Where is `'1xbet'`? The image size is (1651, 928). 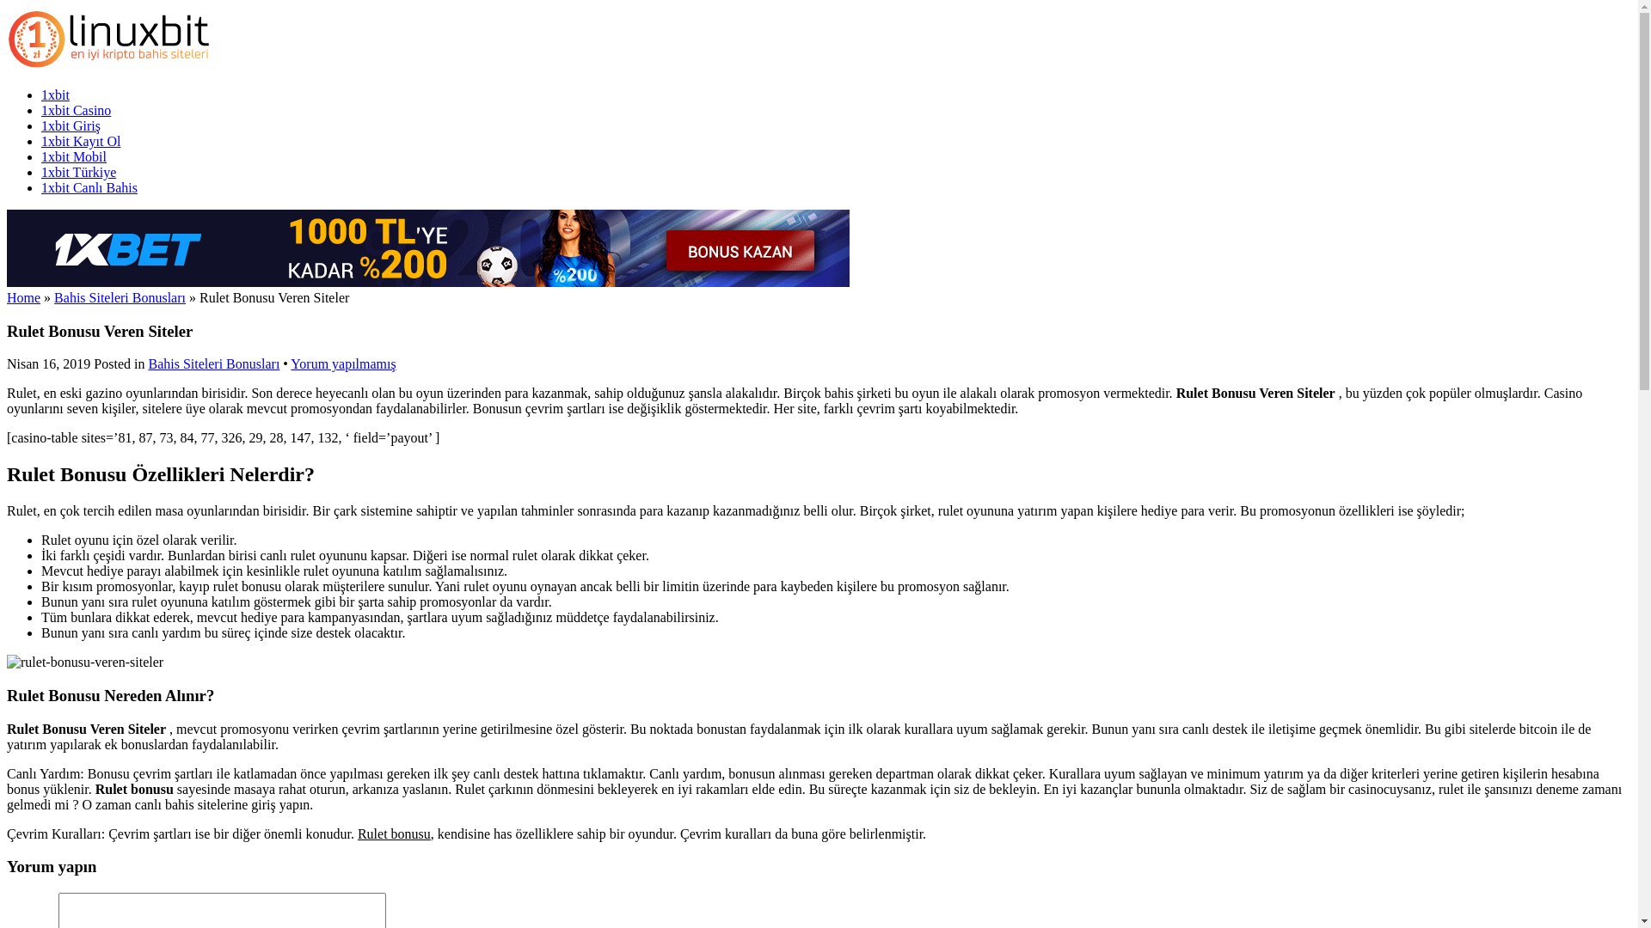
'1xbet' is located at coordinates (428, 281).